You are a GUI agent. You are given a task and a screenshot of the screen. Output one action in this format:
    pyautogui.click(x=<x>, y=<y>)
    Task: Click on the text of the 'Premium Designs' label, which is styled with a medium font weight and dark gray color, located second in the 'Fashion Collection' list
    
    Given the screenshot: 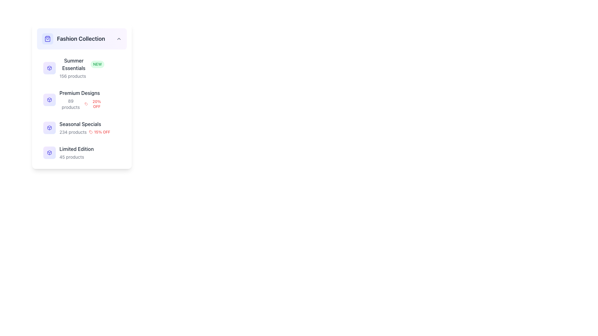 What is the action you would take?
    pyautogui.click(x=82, y=93)
    